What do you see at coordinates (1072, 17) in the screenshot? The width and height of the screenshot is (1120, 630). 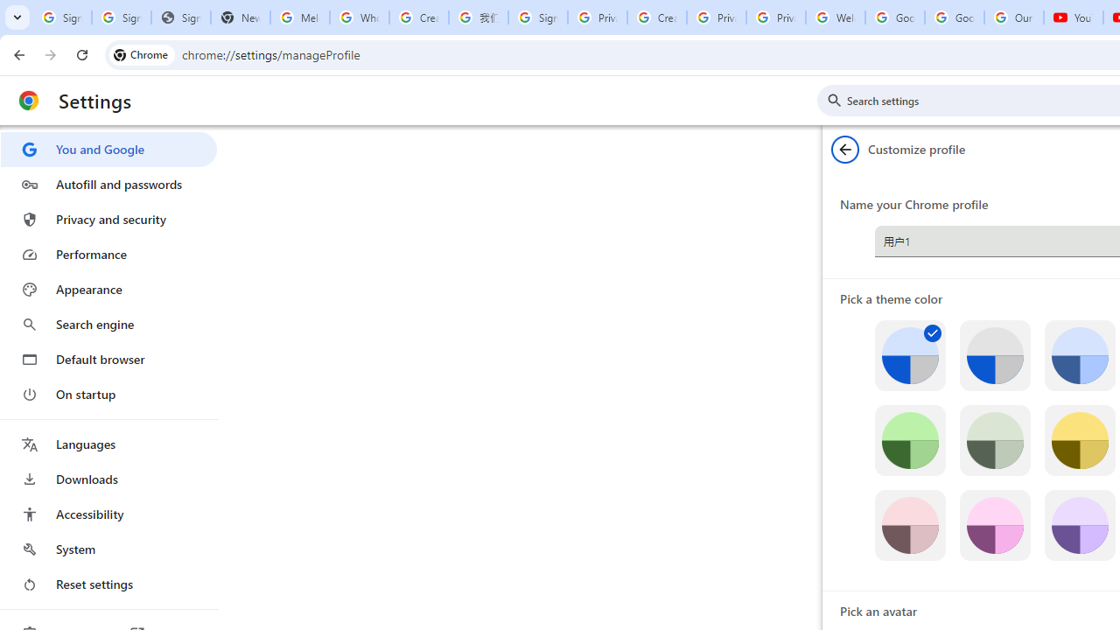 I see `'YouTube'` at bounding box center [1072, 17].